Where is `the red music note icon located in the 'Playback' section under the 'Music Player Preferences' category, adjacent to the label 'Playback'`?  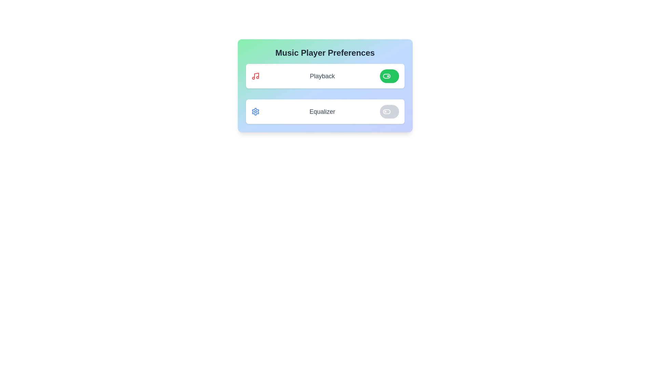
the red music note icon located in the 'Playback' section under the 'Music Player Preferences' category, adjacent to the label 'Playback' is located at coordinates (255, 76).